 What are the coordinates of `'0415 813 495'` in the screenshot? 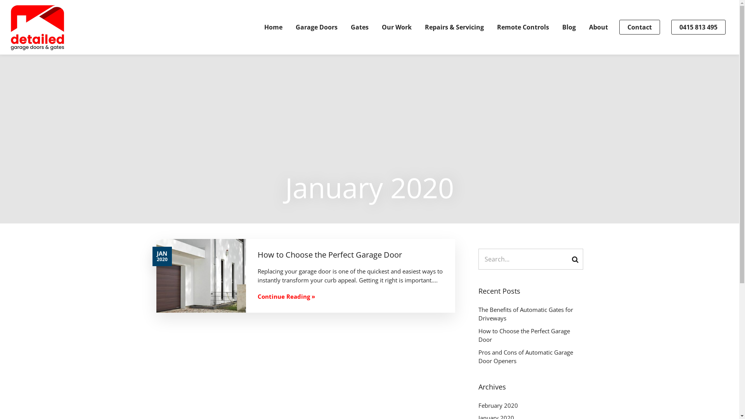 It's located at (670, 26).